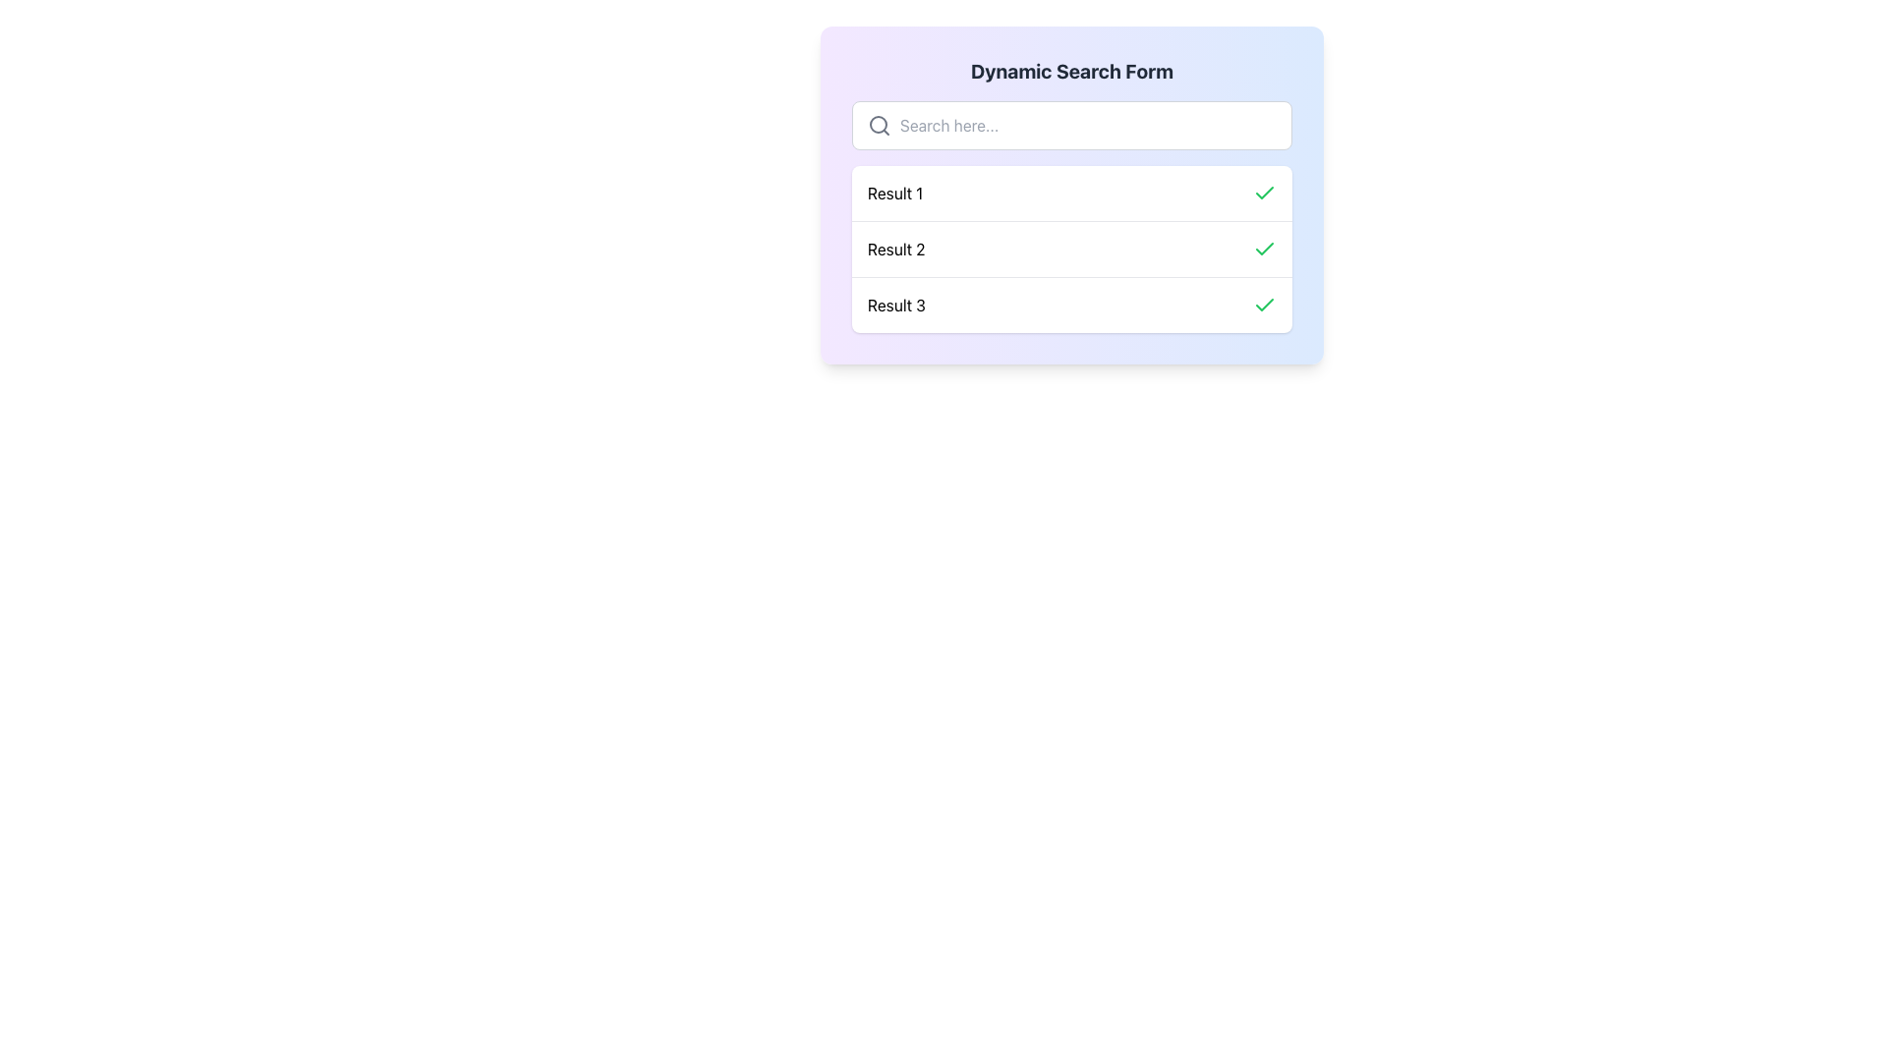 This screenshot has height=1061, width=1887. What do you see at coordinates (1264, 193) in the screenshot?
I see `the positive status icon located in the second row of the search results, positioned to the far right` at bounding box center [1264, 193].